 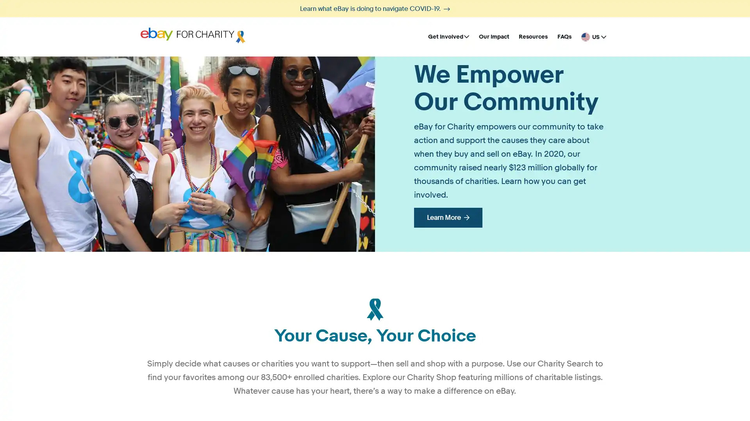 What do you see at coordinates (593, 36) in the screenshot?
I see `United States - English US` at bounding box center [593, 36].